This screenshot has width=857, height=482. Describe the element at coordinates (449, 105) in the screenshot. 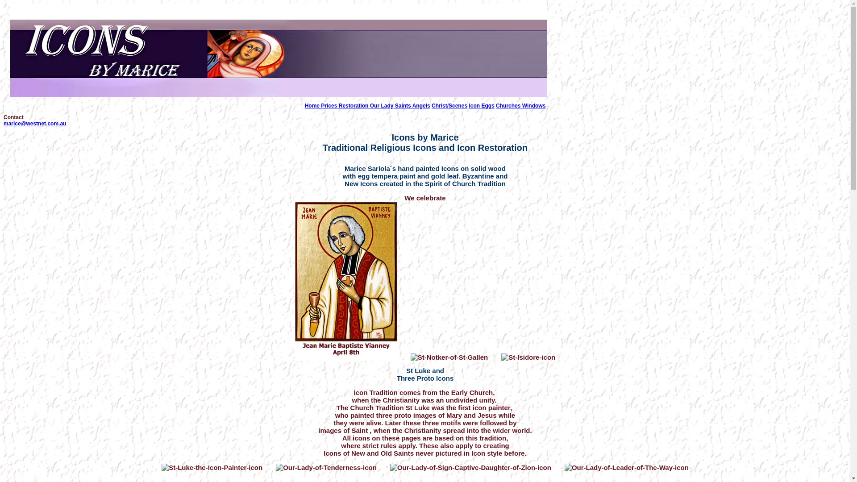

I see `'Christ/Scenes'` at that location.